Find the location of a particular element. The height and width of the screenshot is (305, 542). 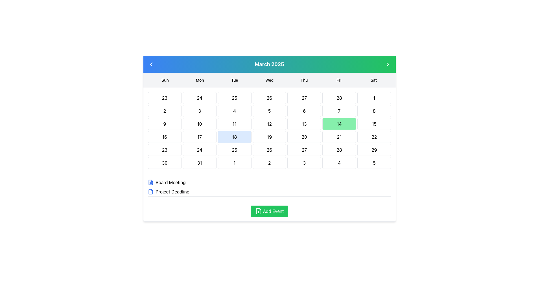

the day cell representing Wednesday, March 26, 2025 is located at coordinates (269, 98).